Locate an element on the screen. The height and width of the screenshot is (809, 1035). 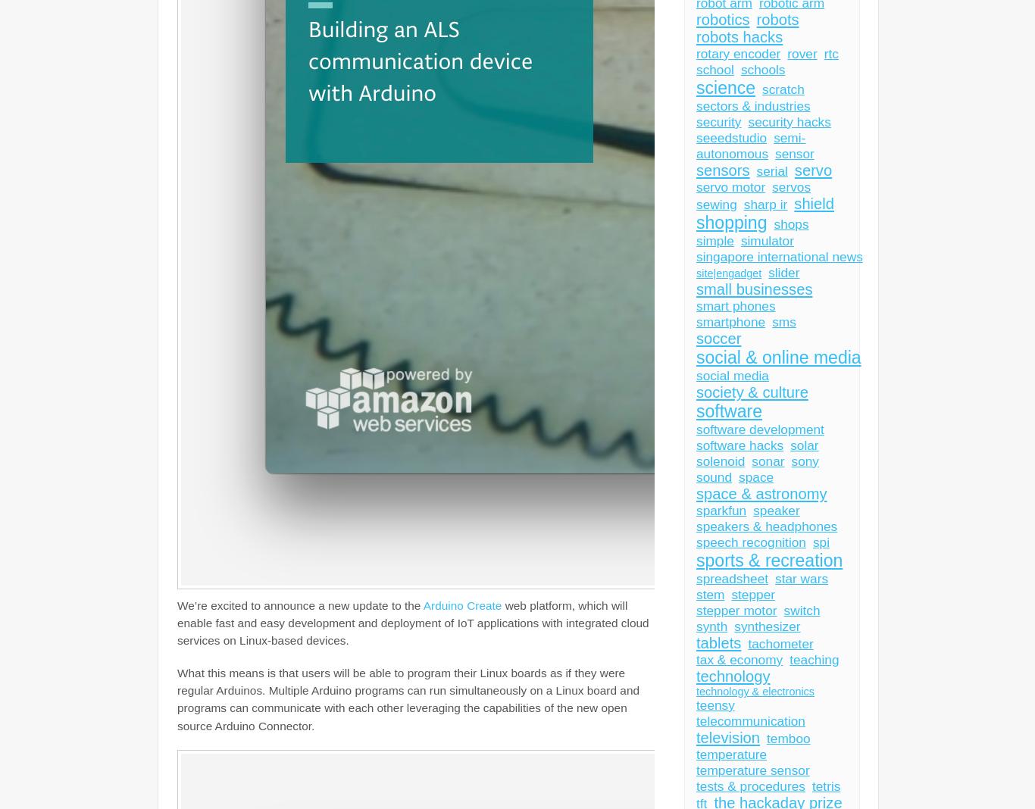
'rotary encoder' is located at coordinates (738, 53).